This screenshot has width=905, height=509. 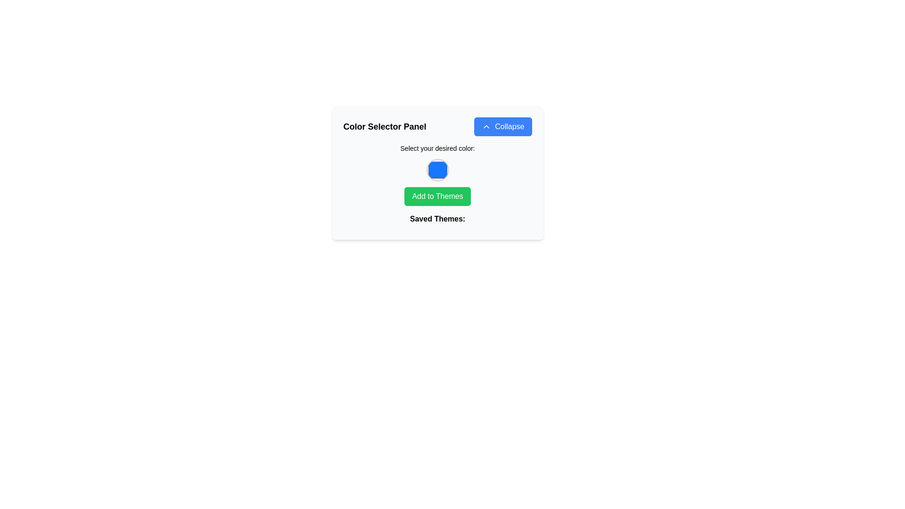 I want to click on the static text label indicating the section for saved themes, which is positioned below the 'Add to Themes' button, so click(x=437, y=221).